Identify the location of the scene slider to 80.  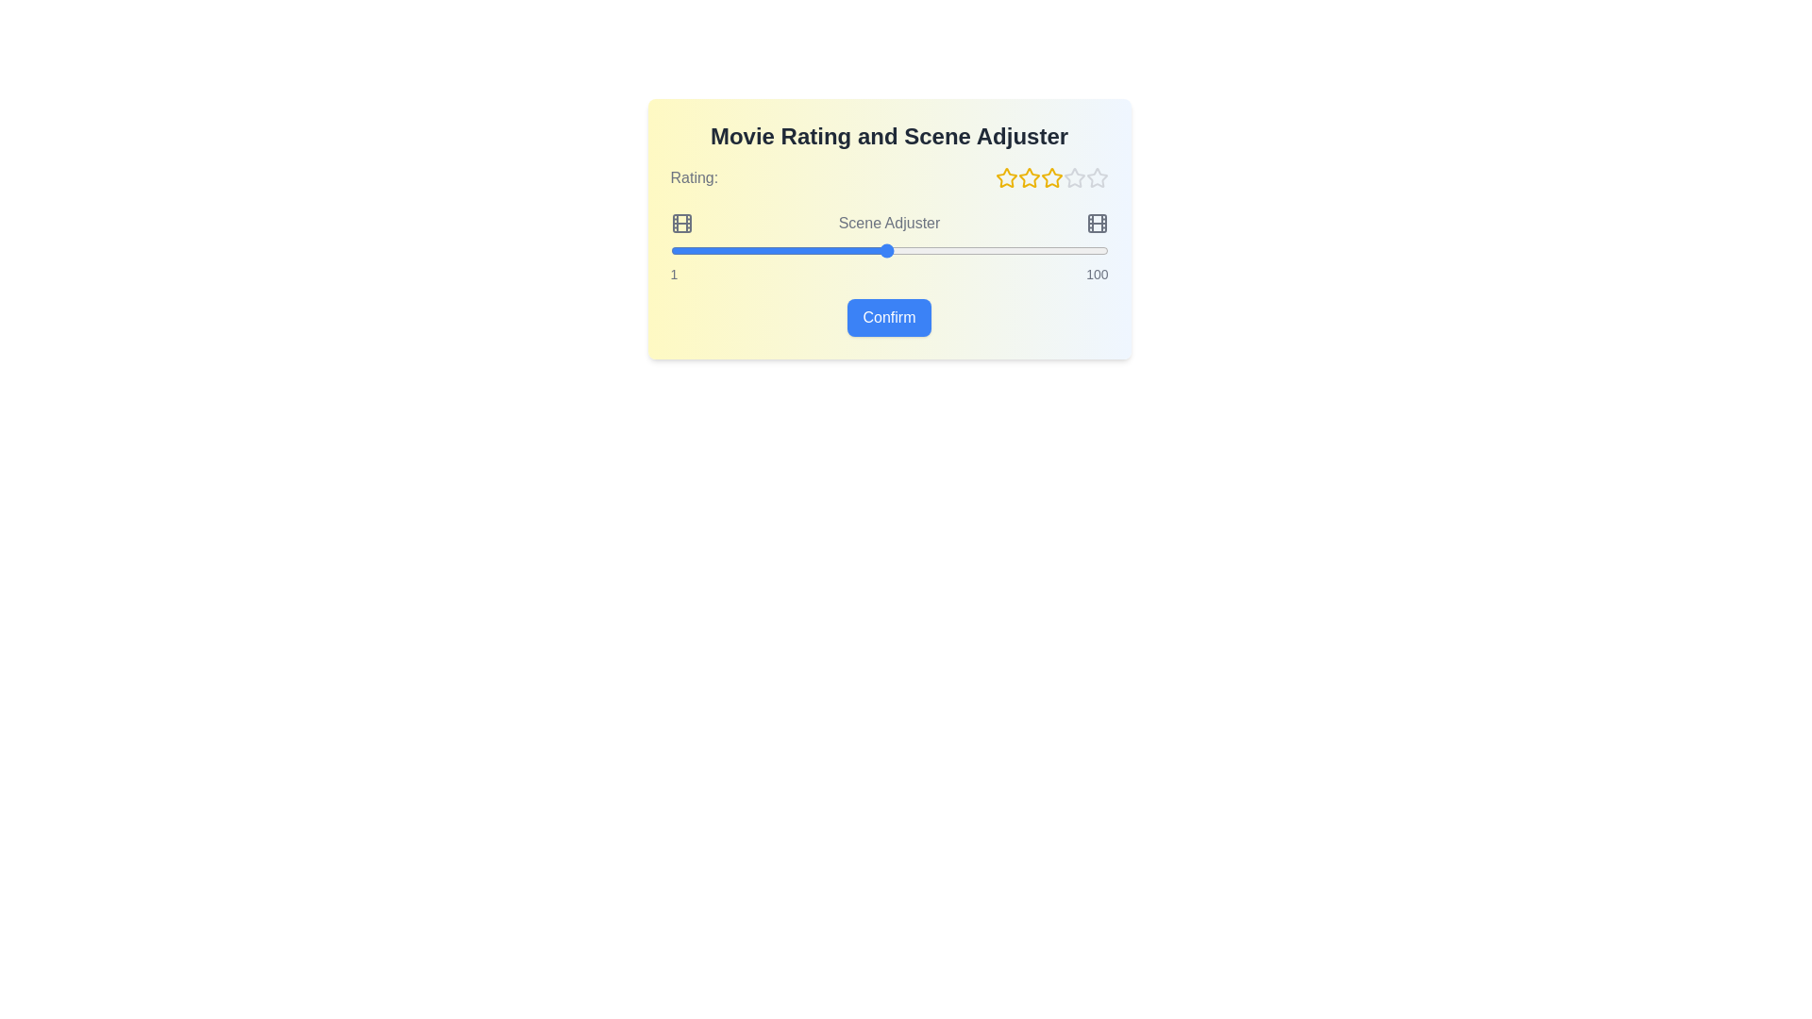
(1018, 250).